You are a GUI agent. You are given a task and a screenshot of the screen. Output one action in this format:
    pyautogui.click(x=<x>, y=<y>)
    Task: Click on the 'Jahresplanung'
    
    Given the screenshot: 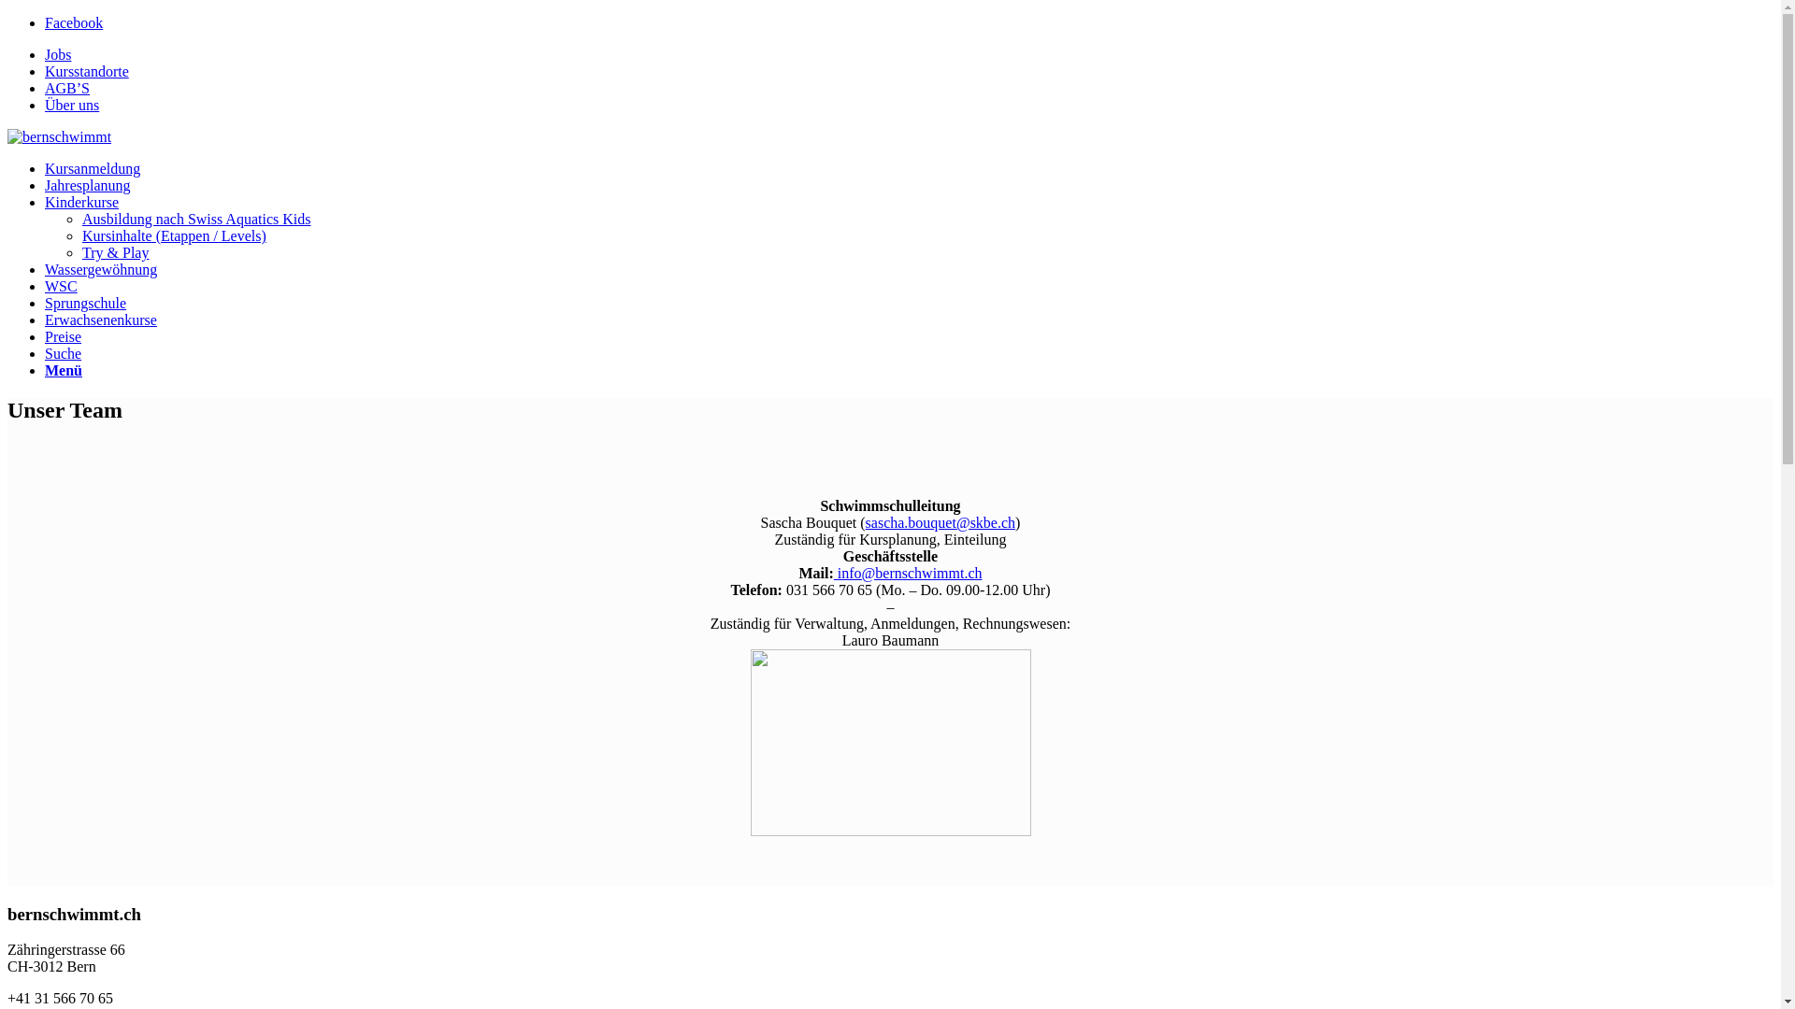 What is the action you would take?
    pyautogui.click(x=87, y=185)
    